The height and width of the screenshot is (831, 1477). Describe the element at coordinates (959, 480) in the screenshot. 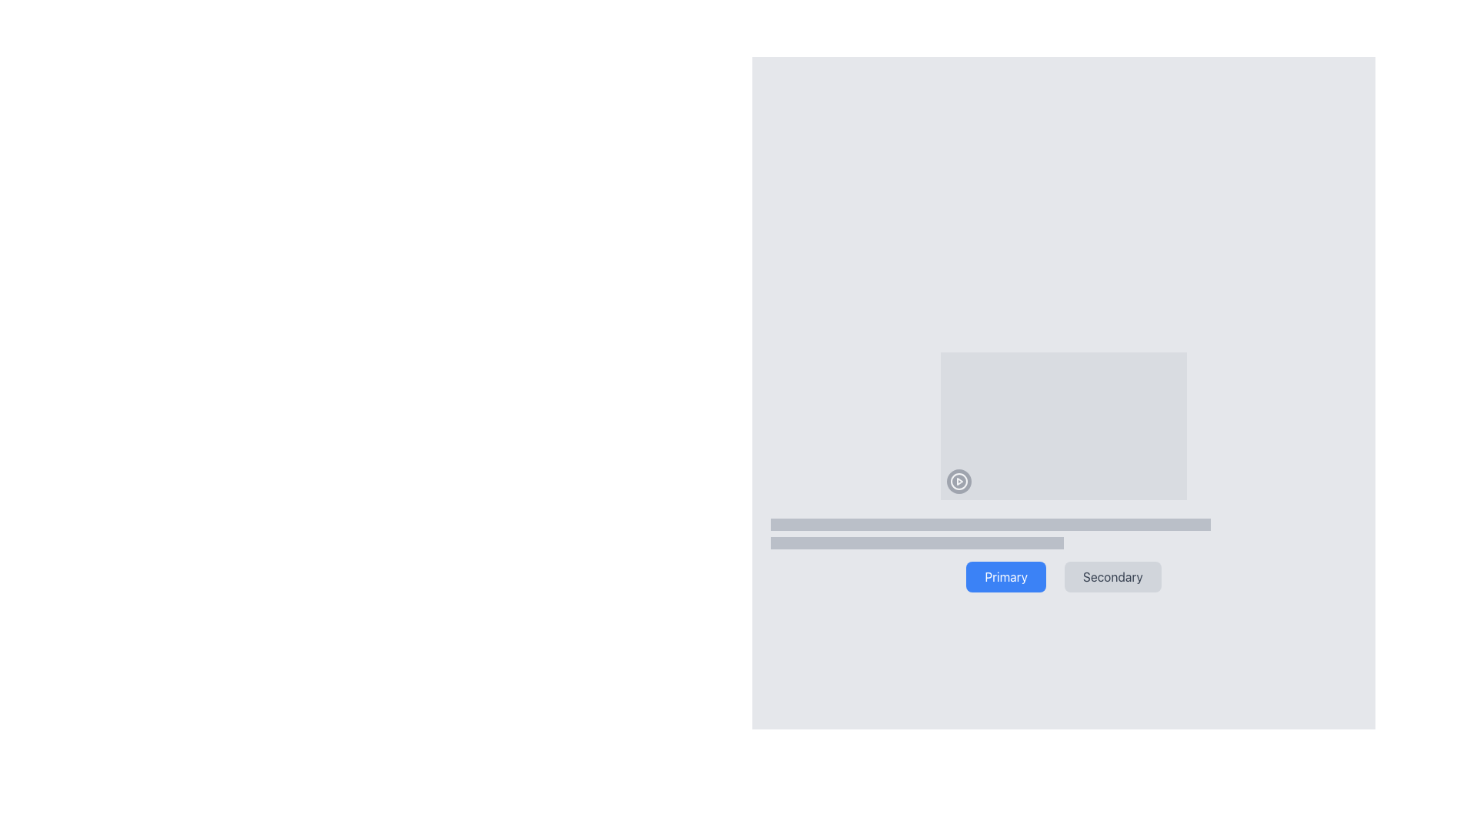

I see `the play icon button, which is a circular button with a white play icon on a dark gray background, located at the bottom-left corner of the section above the 'Primary' and 'Secondary' buttons to initiate playback` at that location.